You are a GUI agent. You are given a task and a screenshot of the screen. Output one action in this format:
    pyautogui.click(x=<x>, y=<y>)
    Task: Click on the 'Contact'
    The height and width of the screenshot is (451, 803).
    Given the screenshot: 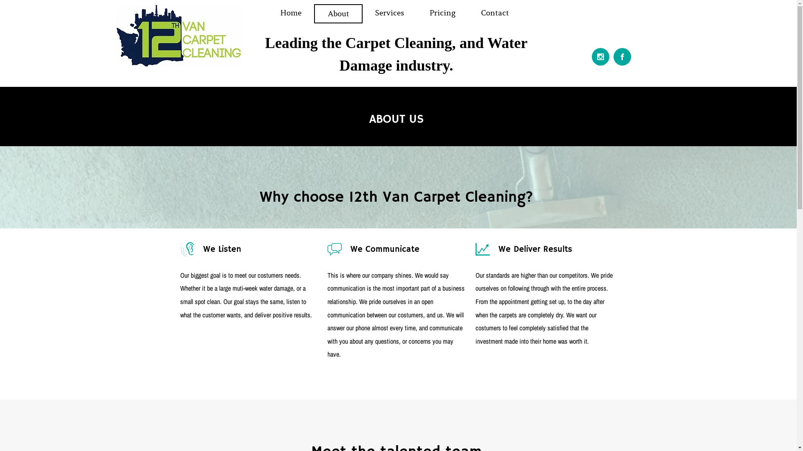 What is the action you would take?
    pyautogui.click(x=468, y=13)
    